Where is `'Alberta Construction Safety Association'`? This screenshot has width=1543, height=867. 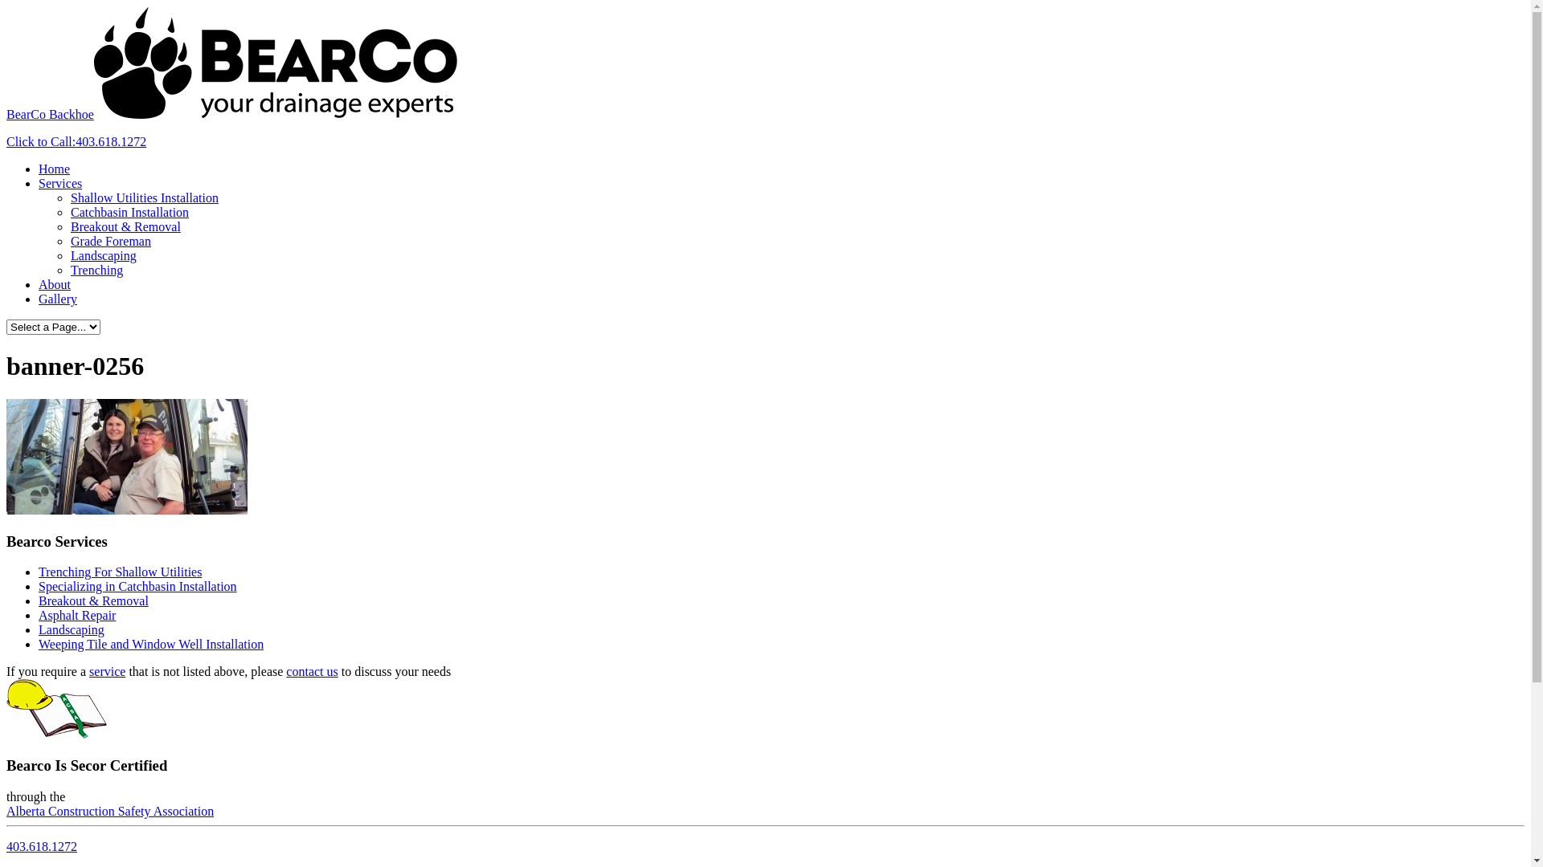 'Alberta Construction Safety Association' is located at coordinates (109, 811).